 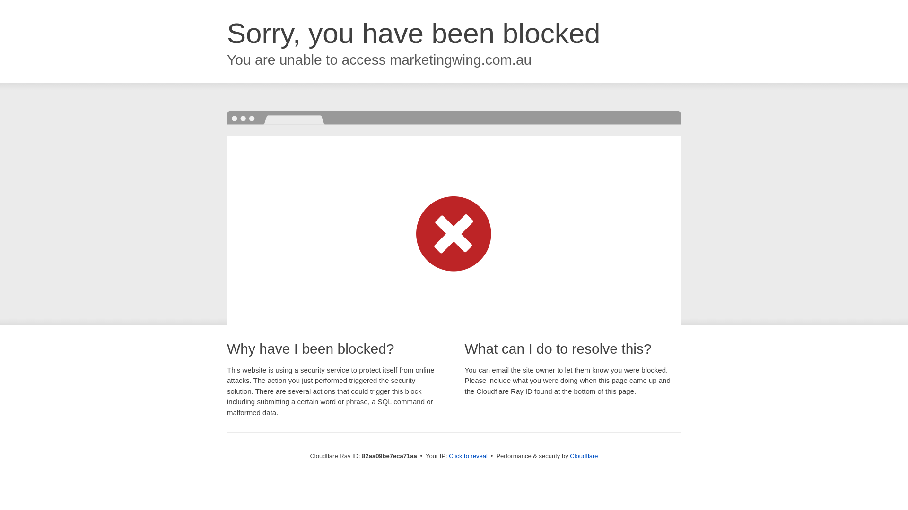 I want to click on 'Click to reveal', so click(x=448, y=455).